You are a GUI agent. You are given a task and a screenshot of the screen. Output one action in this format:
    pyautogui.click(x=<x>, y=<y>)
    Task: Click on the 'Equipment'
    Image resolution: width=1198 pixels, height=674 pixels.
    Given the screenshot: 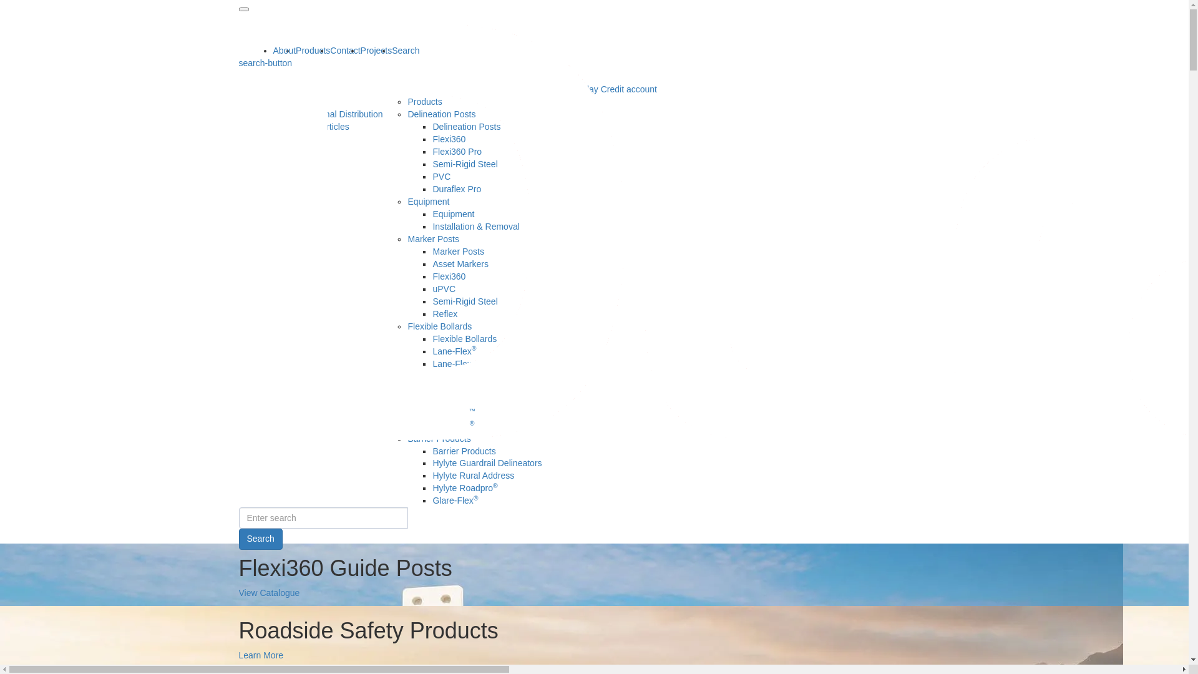 What is the action you would take?
    pyautogui.click(x=428, y=201)
    